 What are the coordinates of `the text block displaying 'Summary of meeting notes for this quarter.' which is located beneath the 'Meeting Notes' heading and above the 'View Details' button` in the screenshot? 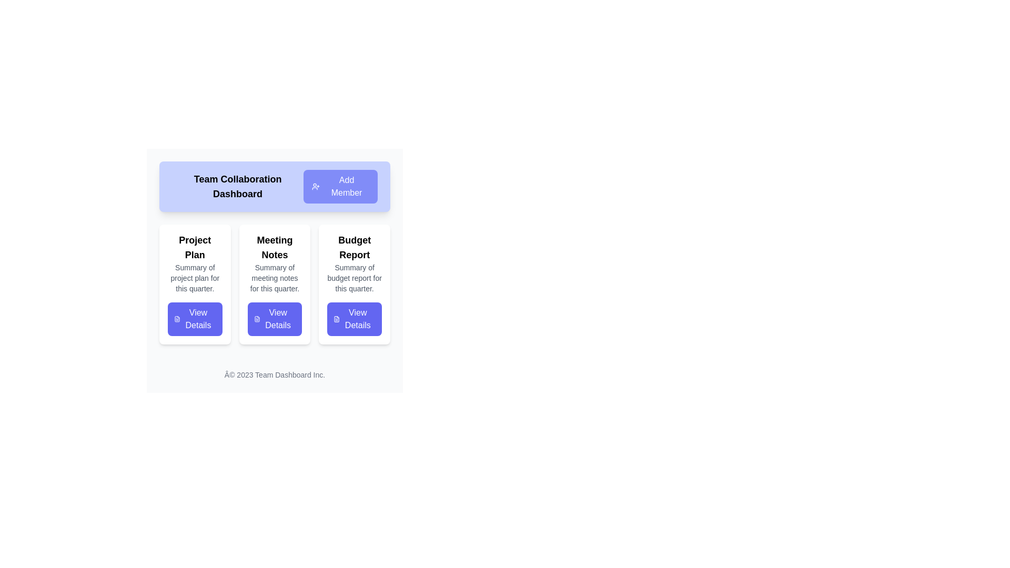 It's located at (275, 277).